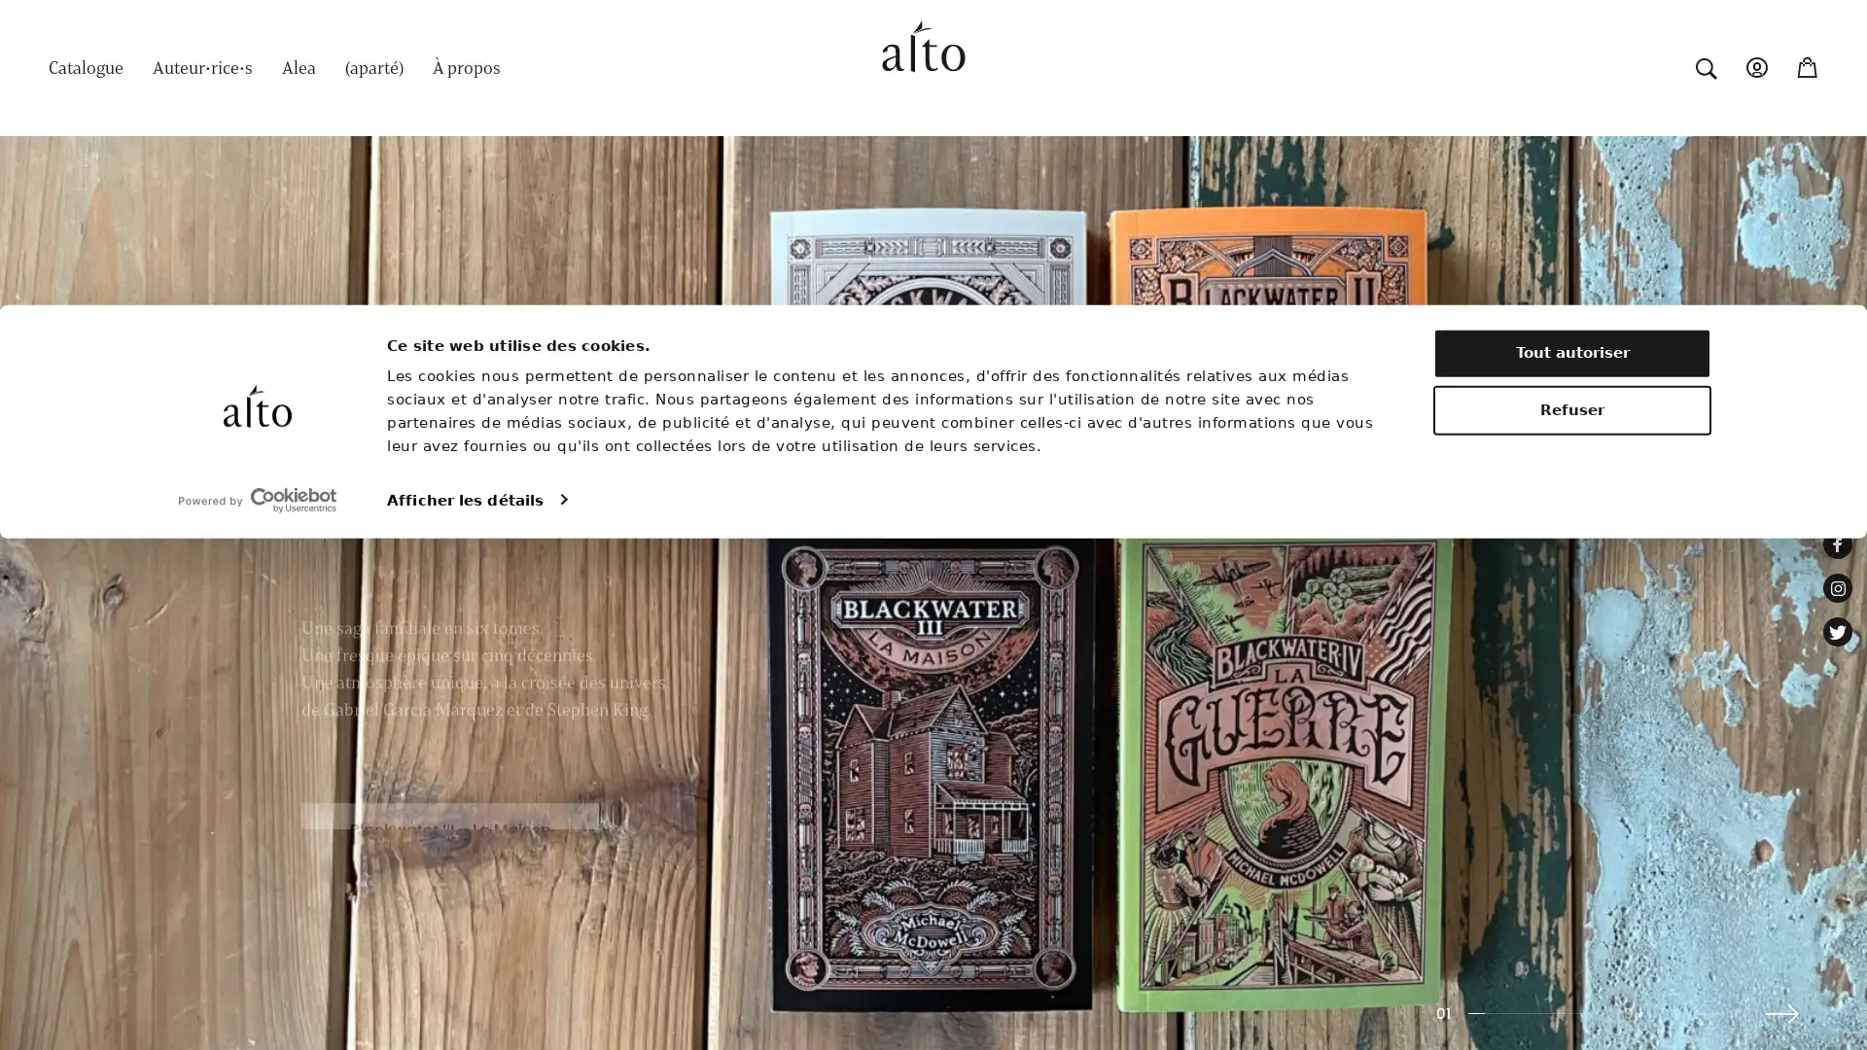 Image resolution: width=1867 pixels, height=1050 pixels. What do you see at coordinates (373, 66) in the screenshot?
I see `(aparte)` at bounding box center [373, 66].